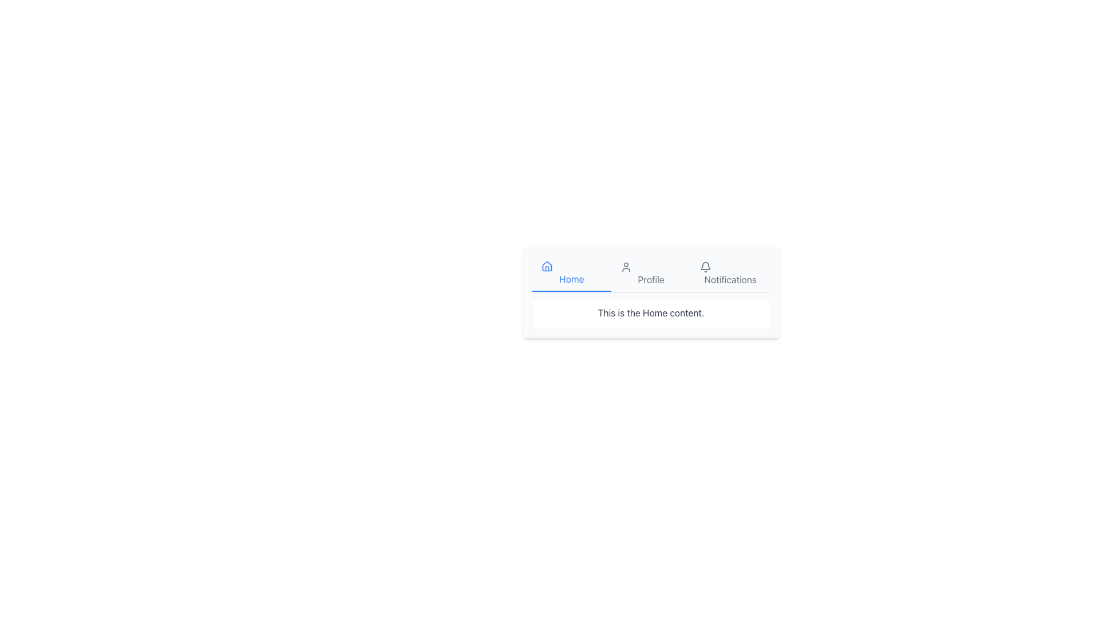 The image size is (1099, 618). What do you see at coordinates (546, 267) in the screenshot?
I see `the house icon located on the 'Home' tab in the navigation bar` at bounding box center [546, 267].